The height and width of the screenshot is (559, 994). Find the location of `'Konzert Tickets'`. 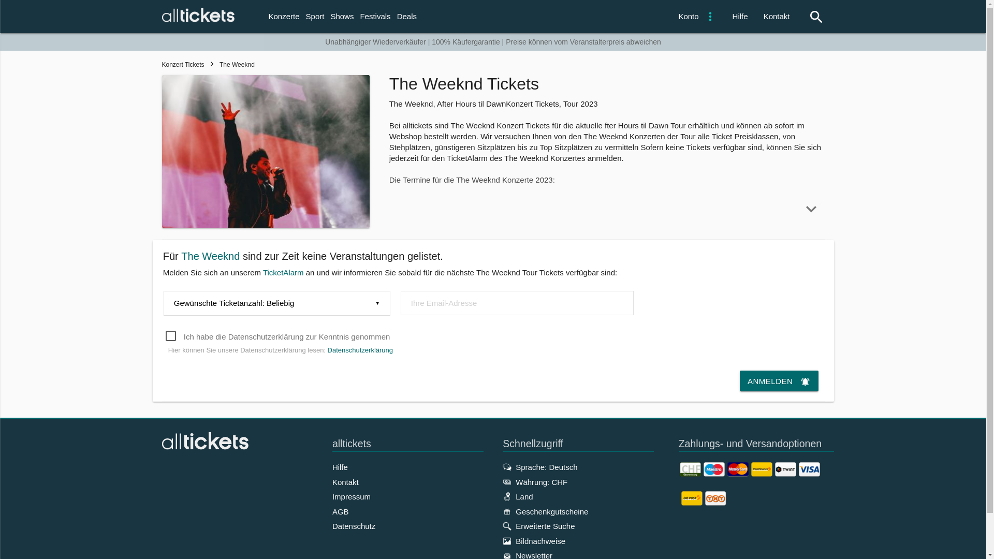

'Konzert Tickets' is located at coordinates (161, 64).